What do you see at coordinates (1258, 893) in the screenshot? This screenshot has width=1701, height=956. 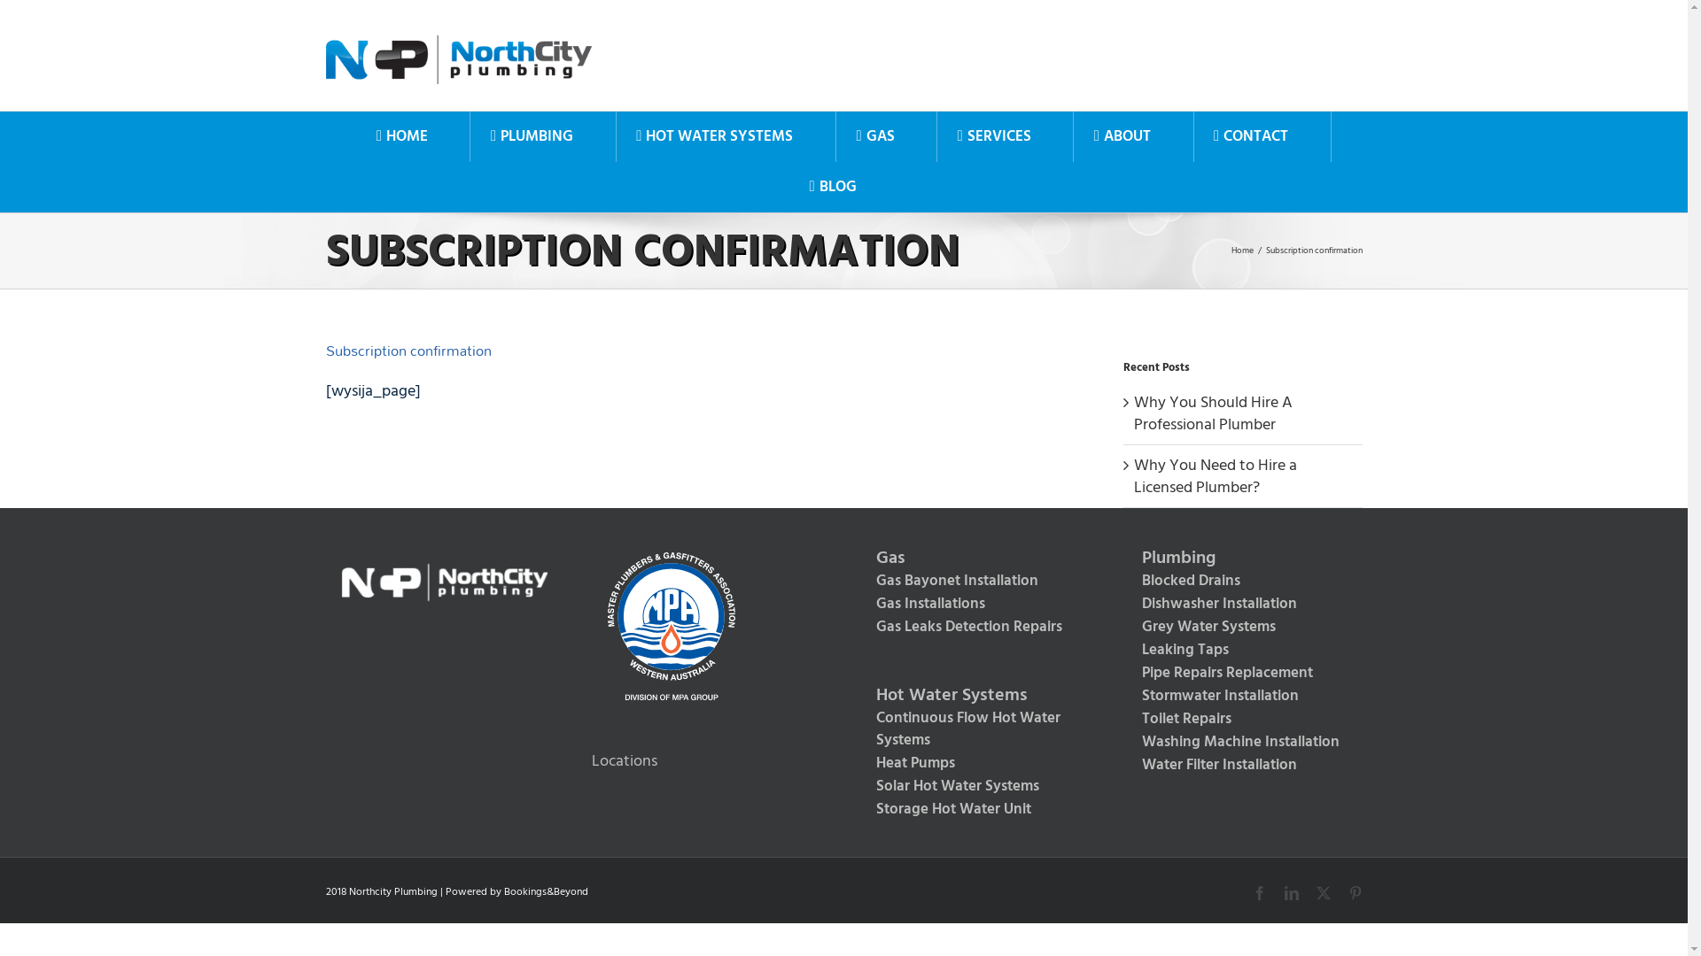 I see `'Facebook'` at bounding box center [1258, 893].